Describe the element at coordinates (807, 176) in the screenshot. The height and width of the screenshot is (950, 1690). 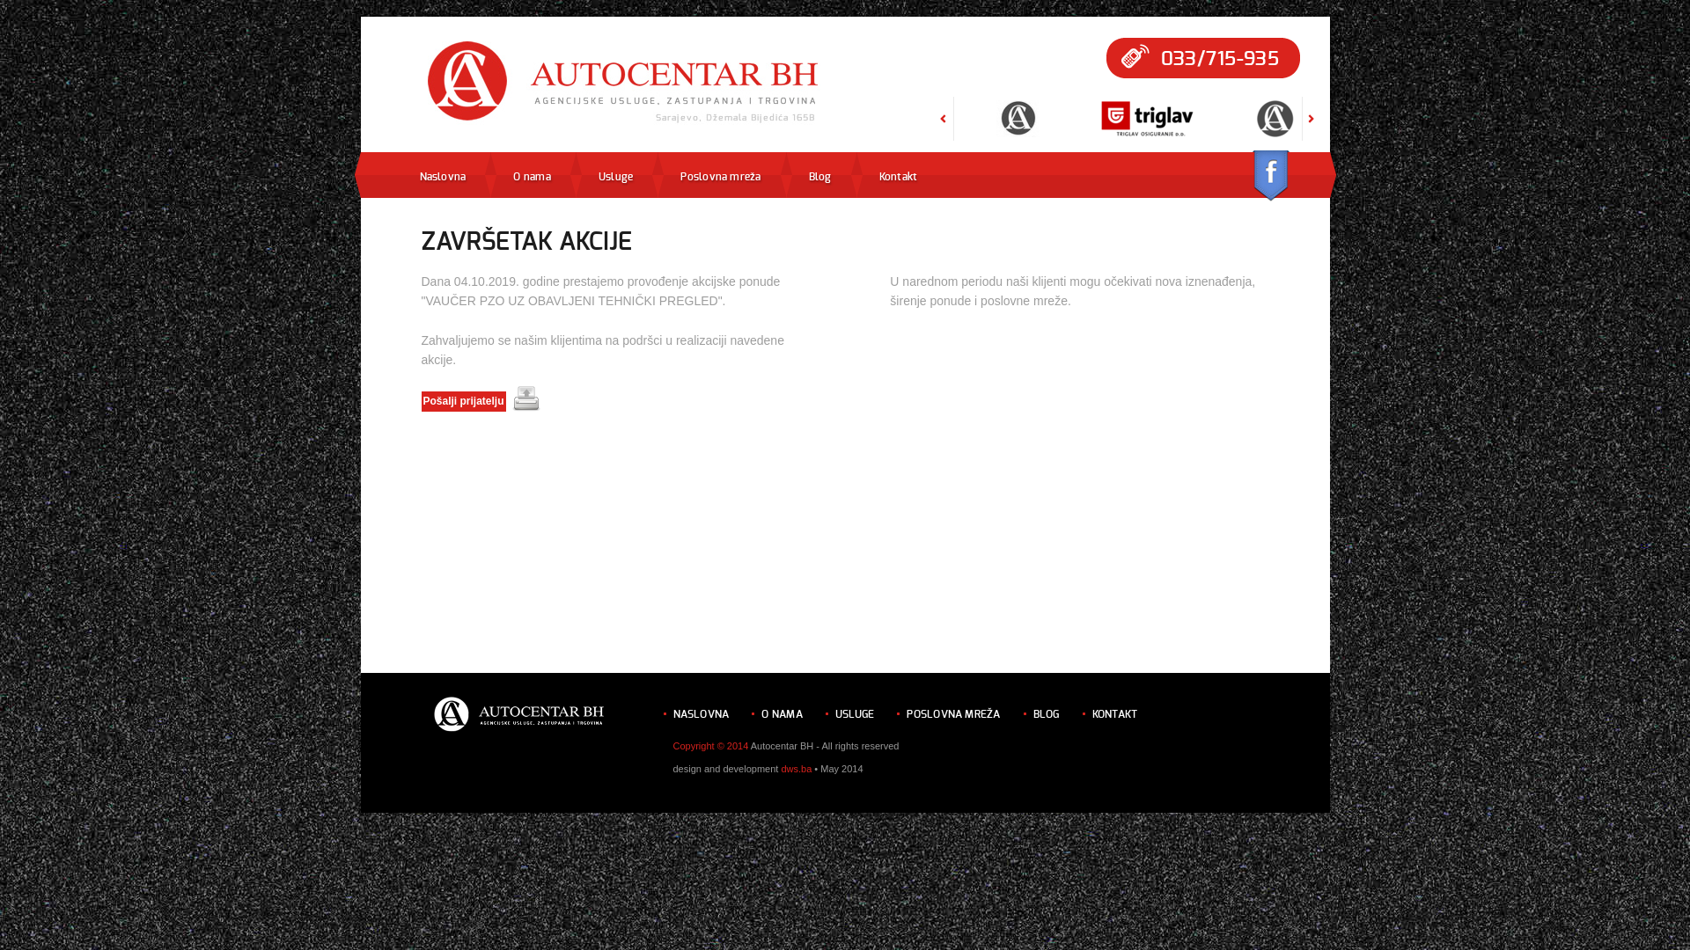
I see `'Blog'` at that location.